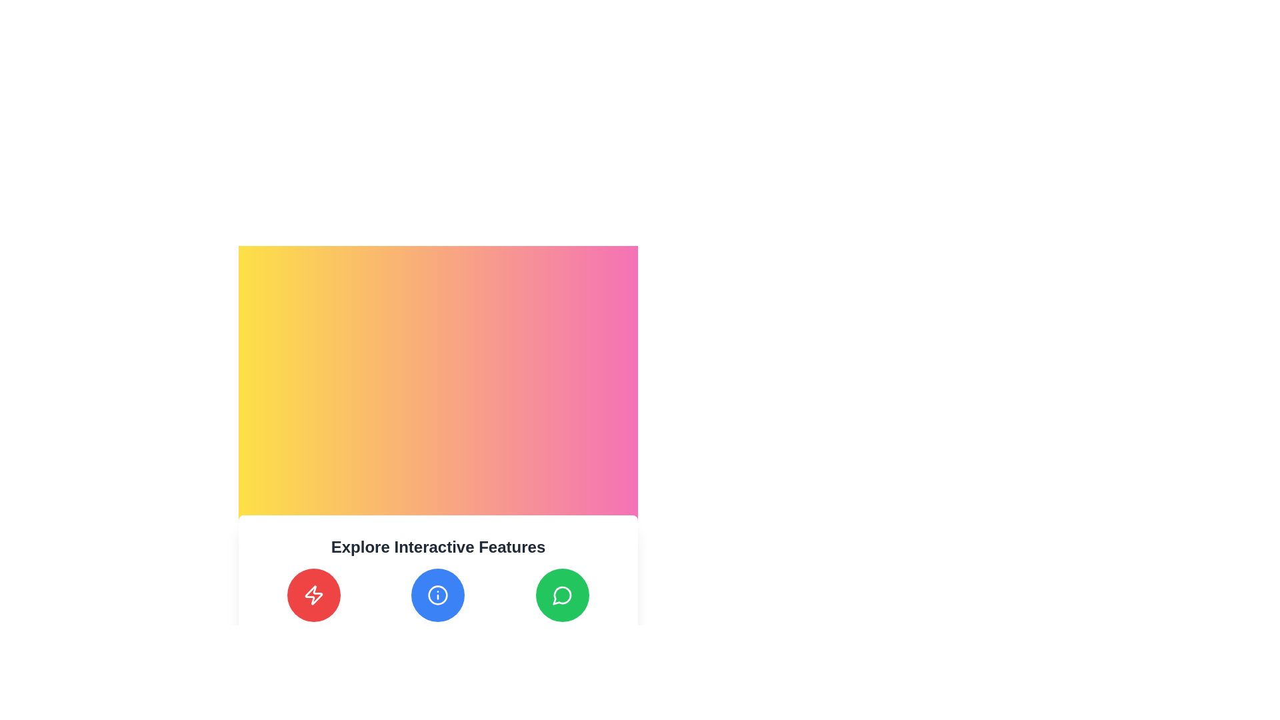 This screenshot has width=1280, height=720. Describe the element at coordinates (562, 595) in the screenshot. I see `the circular icon button located at the bottom right of a row of three buttons, where the other two buttons are red with a lightning icon and blue with an information icon` at that location.